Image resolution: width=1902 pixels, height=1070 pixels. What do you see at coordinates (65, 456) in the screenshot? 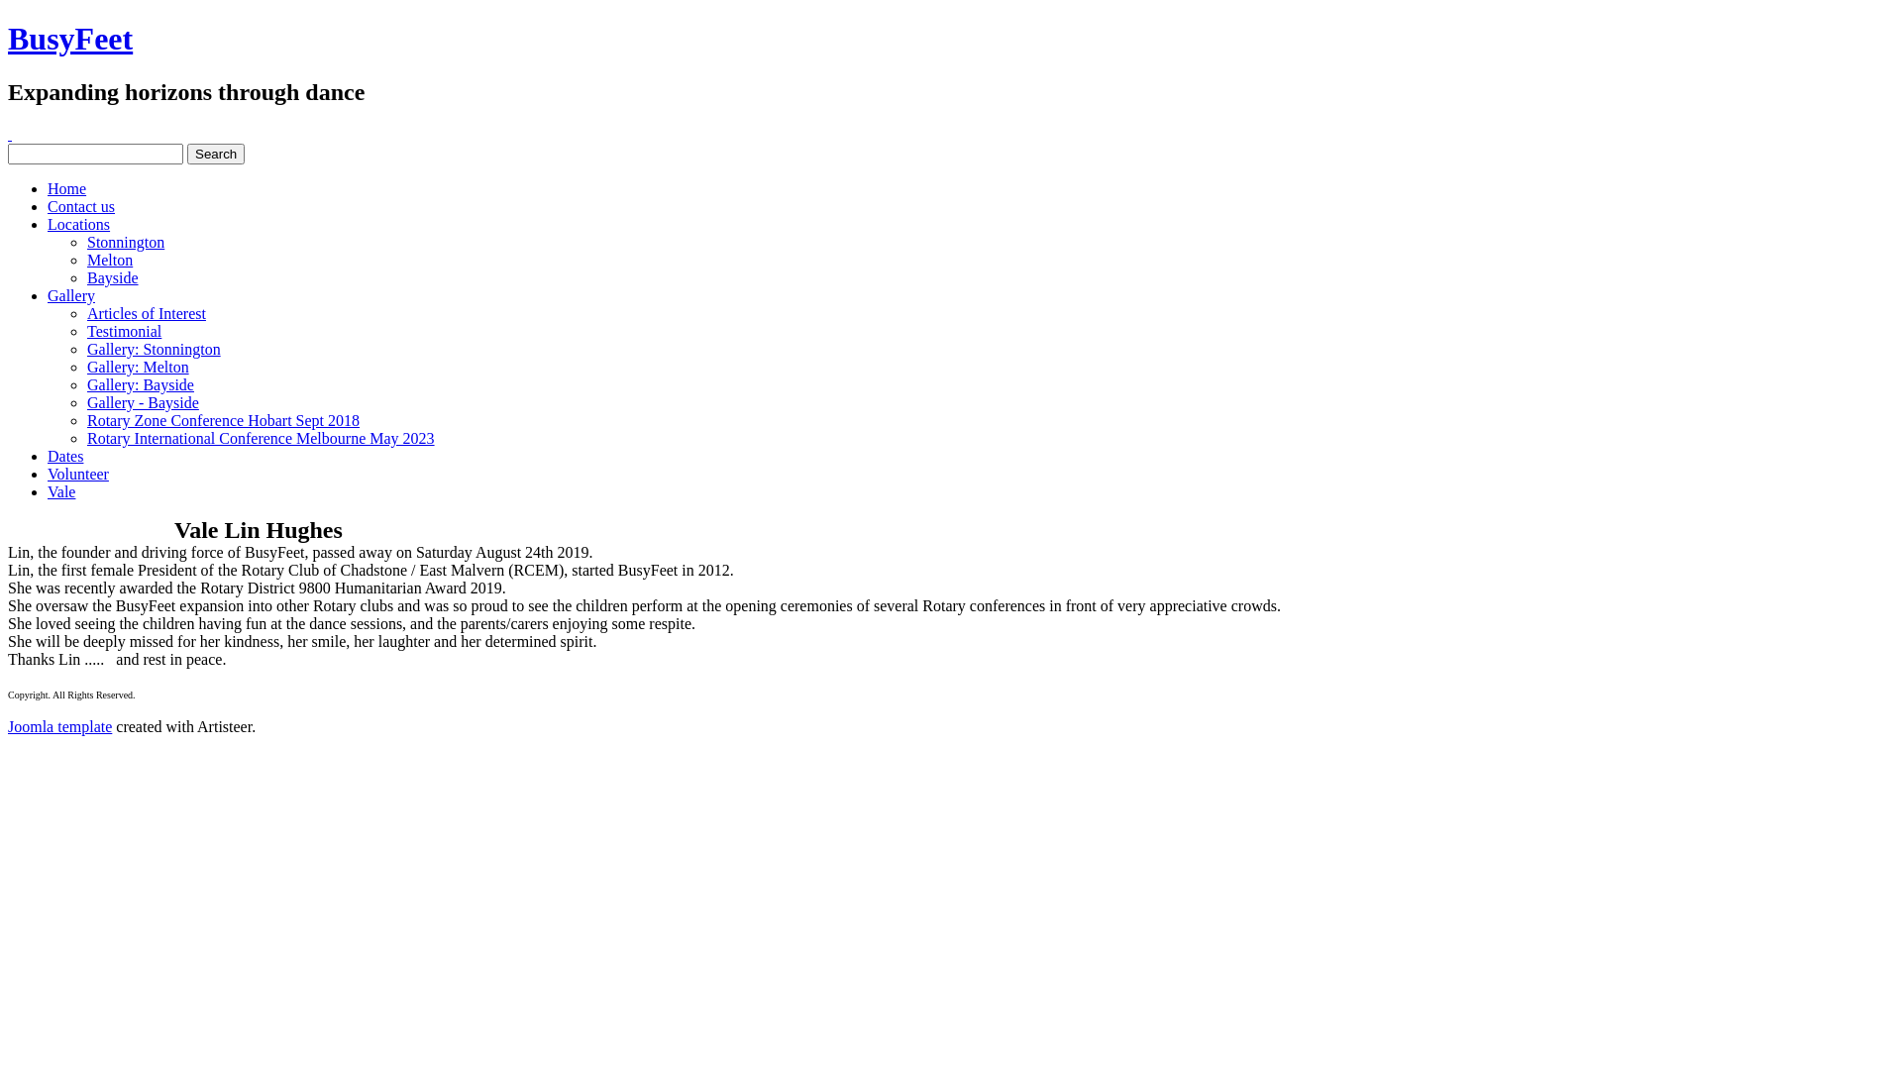
I see `'Dates'` at bounding box center [65, 456].